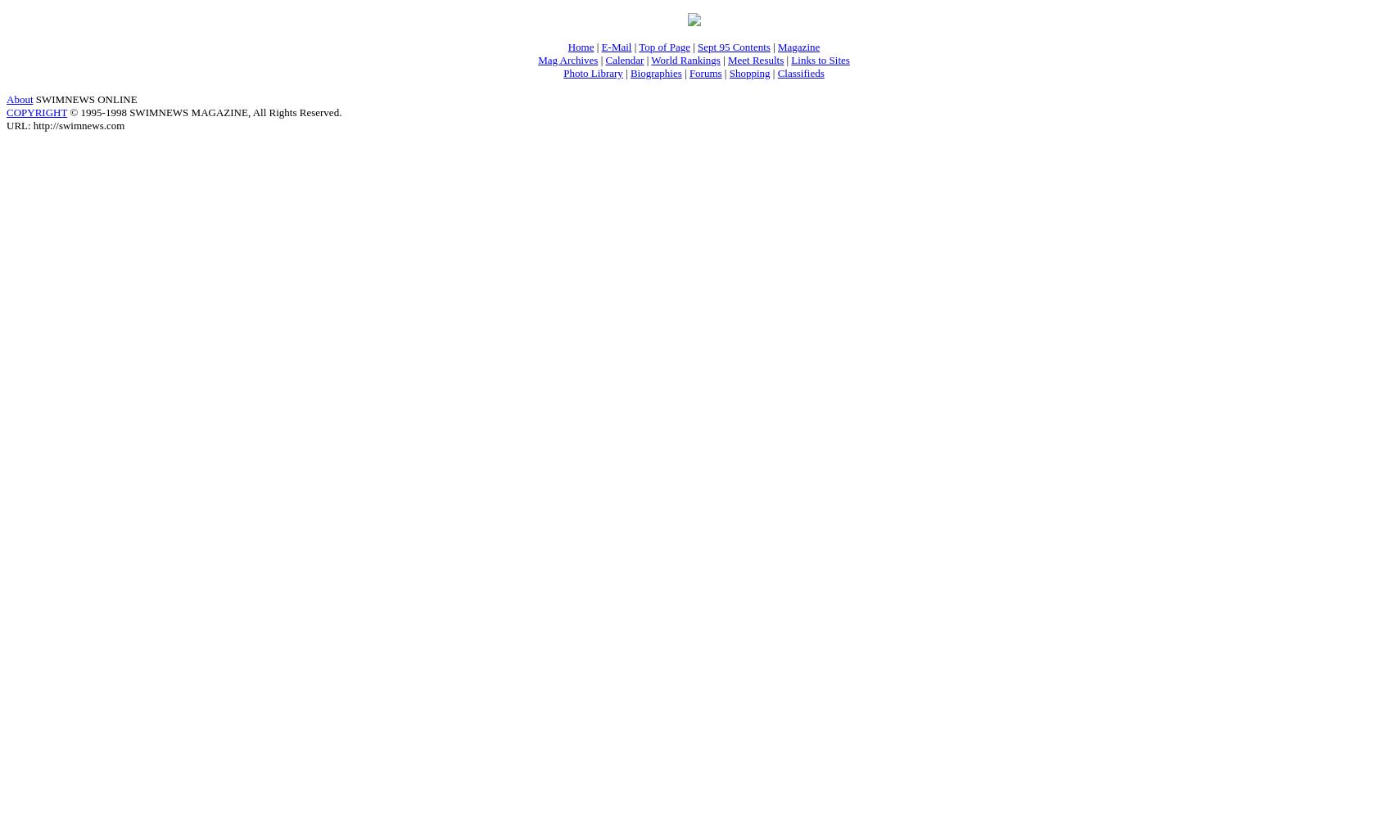 The width and height of the screenshot is (1388, 818). Describe the element at coordinates (732, 46) in the screenshot. I see `'Sept 95 Contents'` at that location.